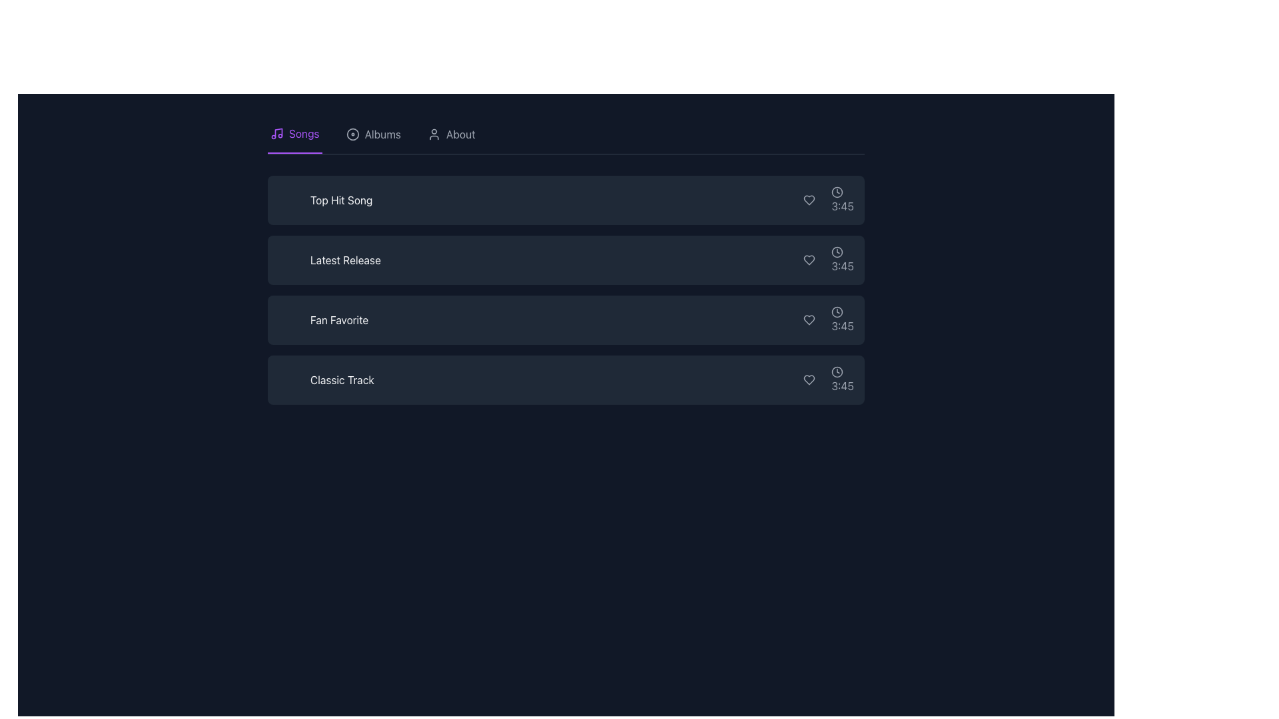 This screenshot has height=719, width=1279. What do you see at coordinates (341, 200) in the screenshot?
I see `text displayed in the Label element showing 'Top Hit Song' which is styled in white text on a dark background, positioned as the first item in a vertical list of song titles` at bounding box center [341, 200].